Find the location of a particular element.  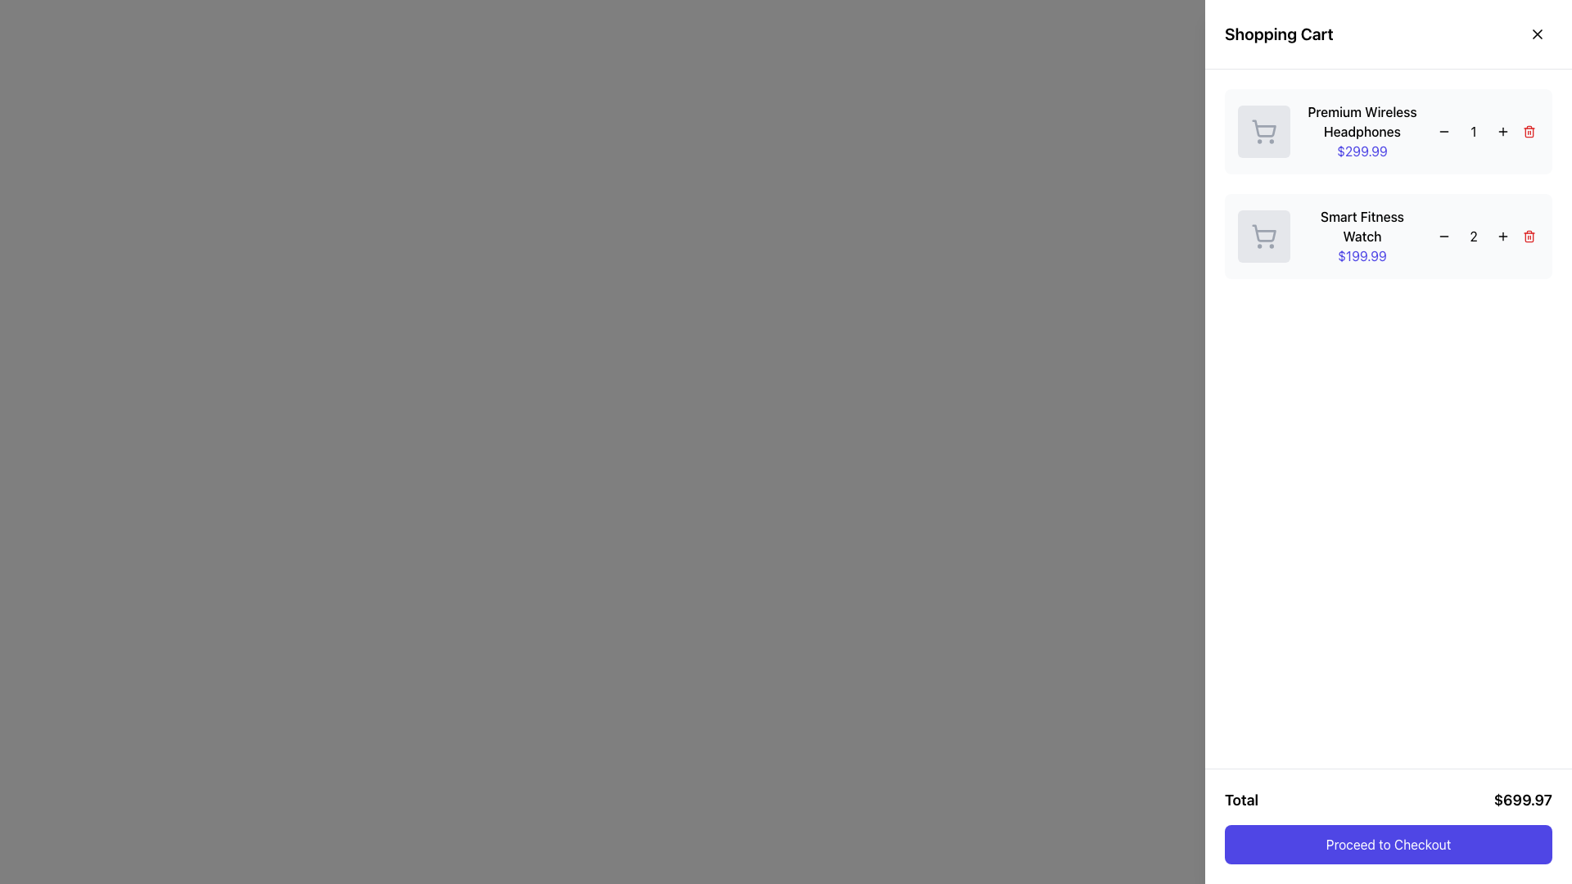

the square icon with a shopping cart symbol, which is located to the left of the 'Premium Wireless Headphones' list item is located at coordinates (1263, 131).